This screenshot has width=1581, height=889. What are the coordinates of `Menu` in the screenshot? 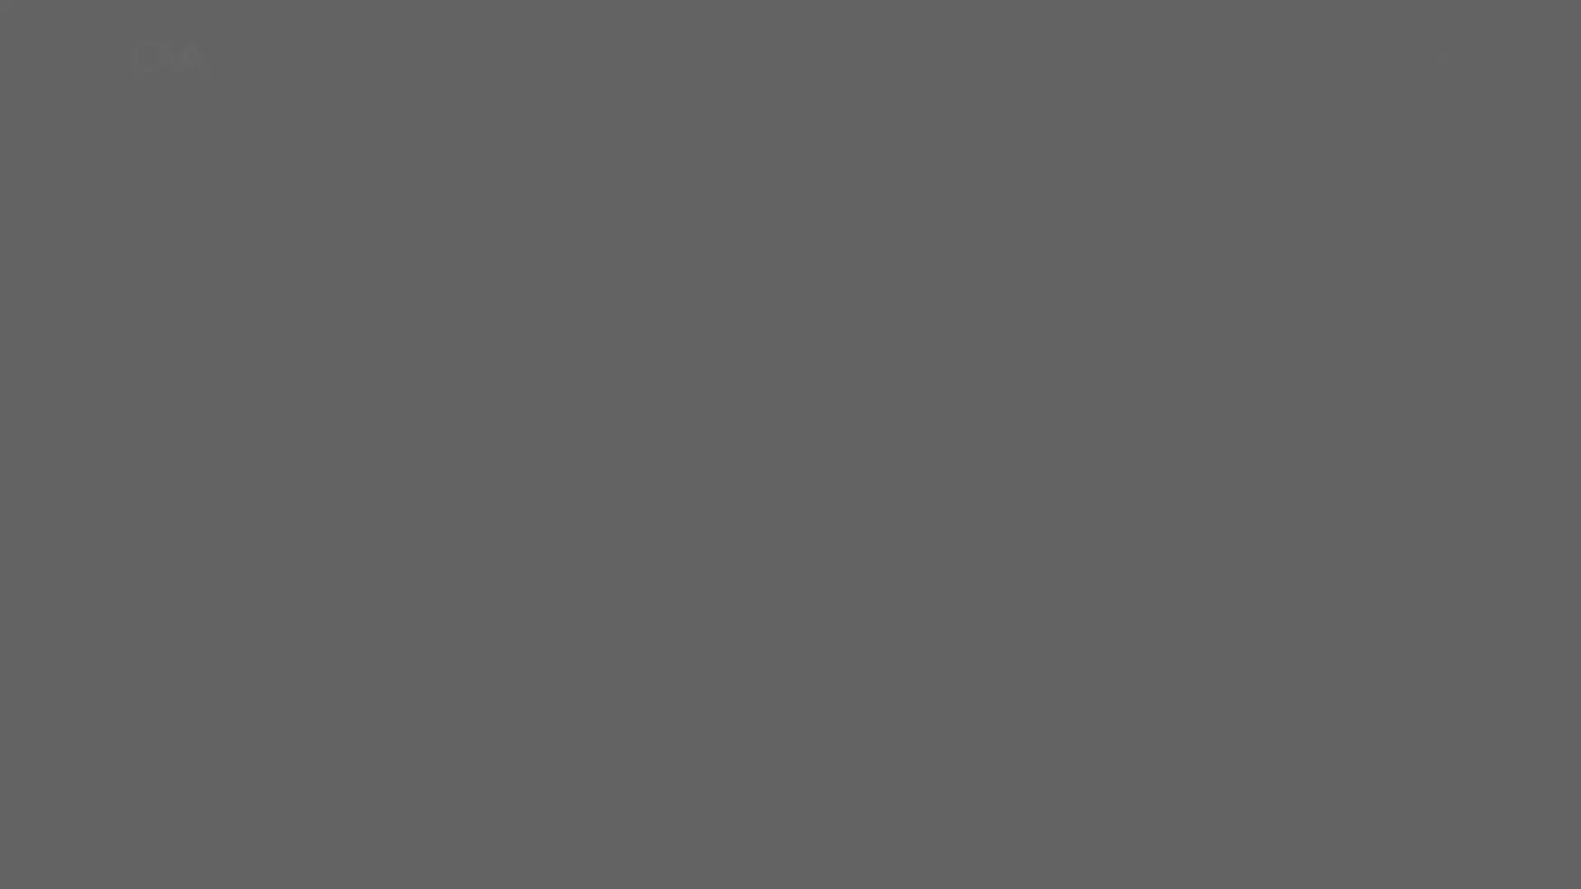 It's located at (1436, 61).